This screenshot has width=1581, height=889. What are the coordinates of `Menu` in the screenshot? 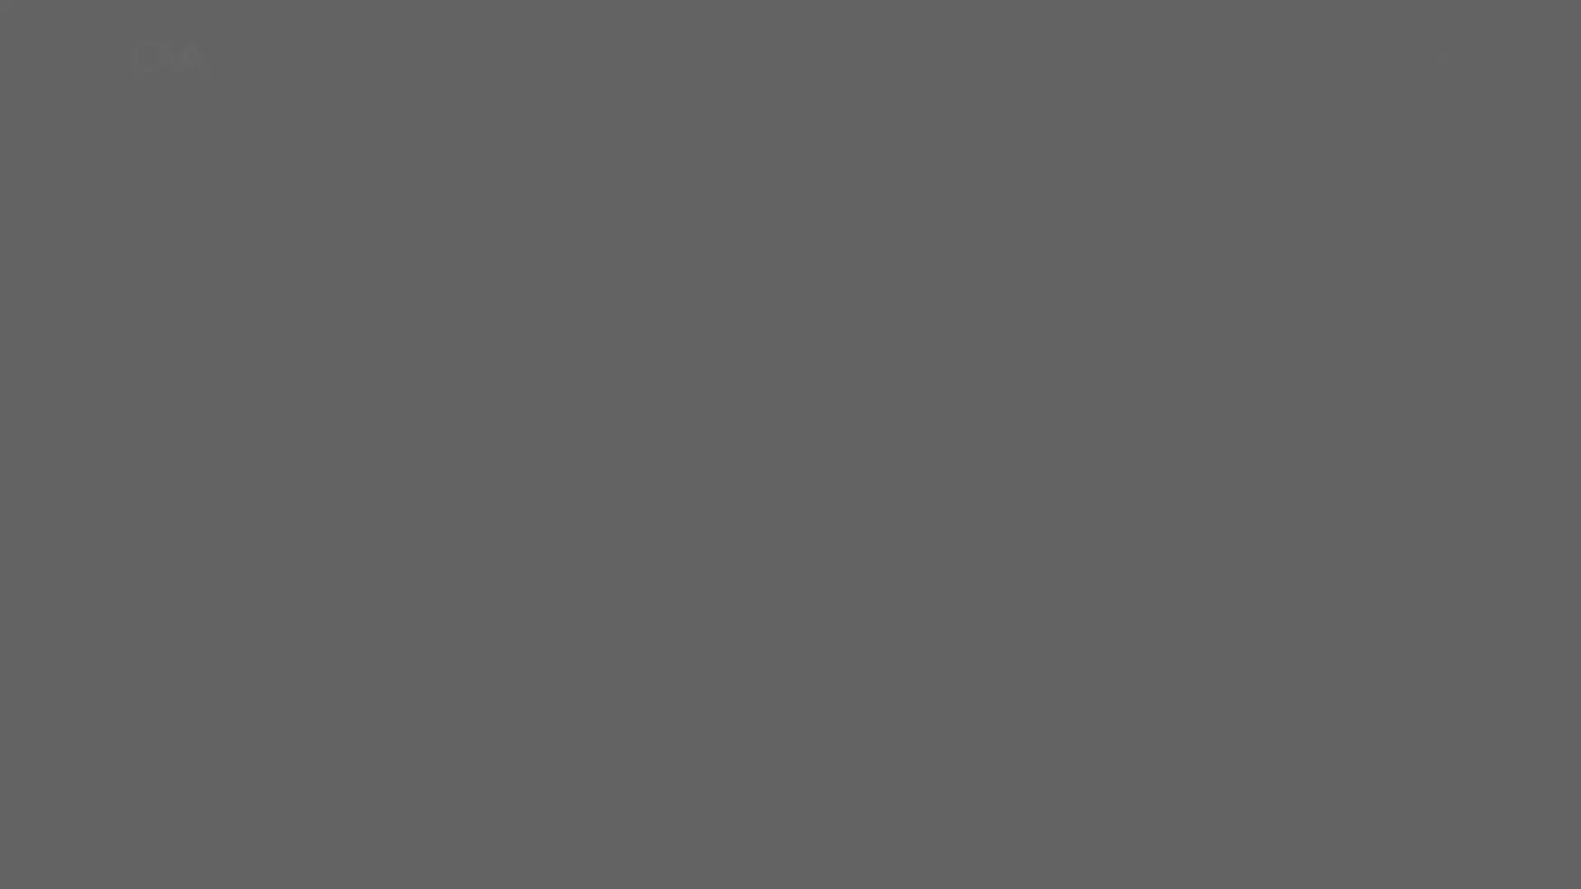 It's located at (1436, 61).